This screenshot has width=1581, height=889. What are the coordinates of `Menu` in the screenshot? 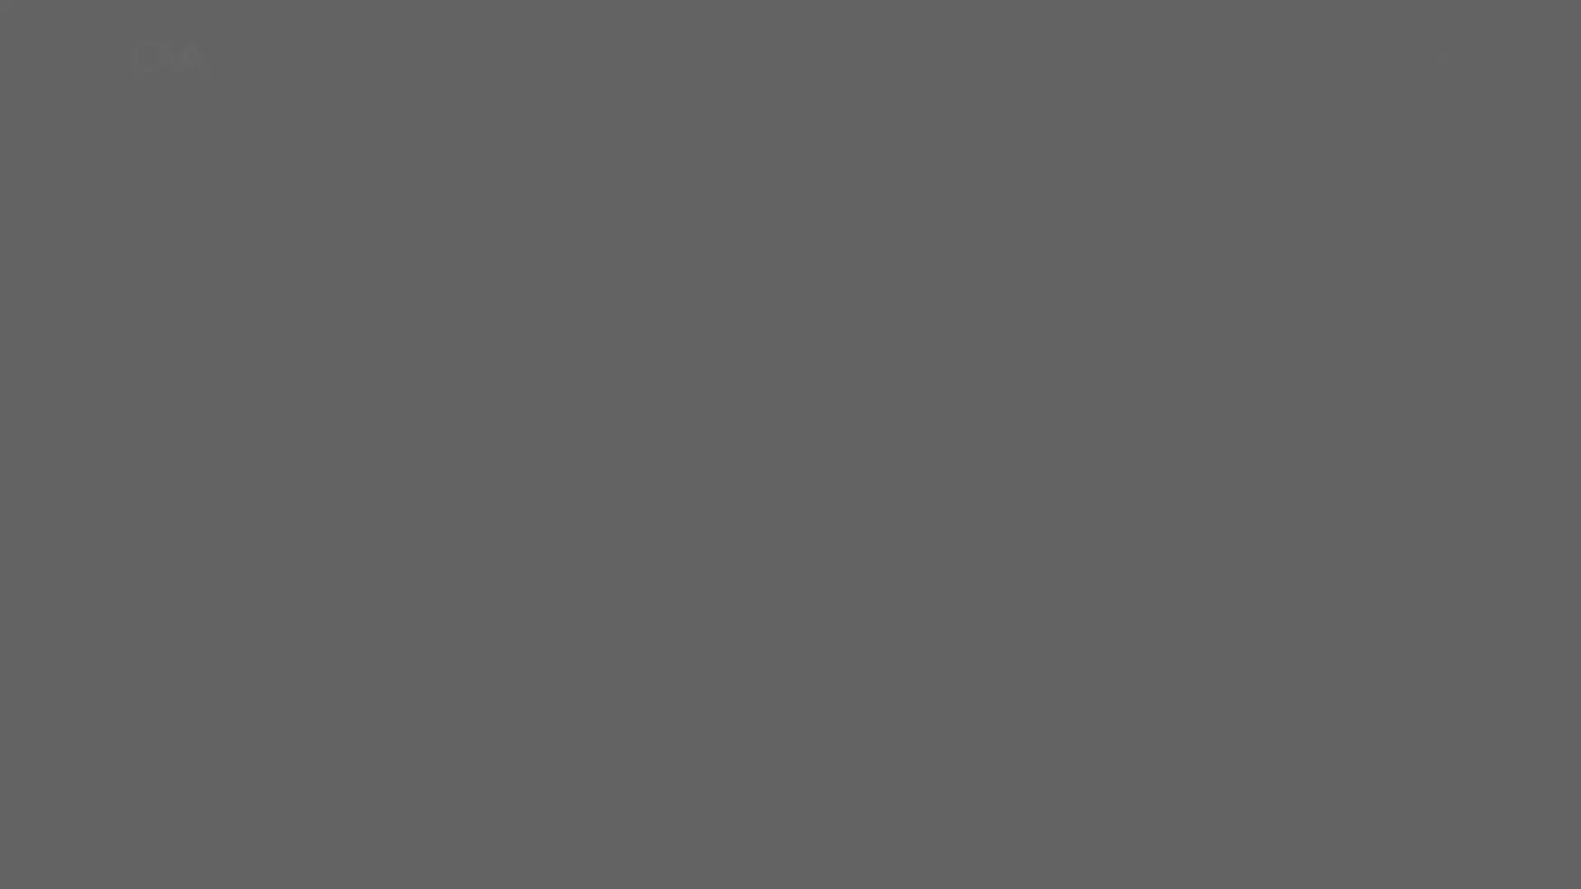 It's located at (1436, 61).